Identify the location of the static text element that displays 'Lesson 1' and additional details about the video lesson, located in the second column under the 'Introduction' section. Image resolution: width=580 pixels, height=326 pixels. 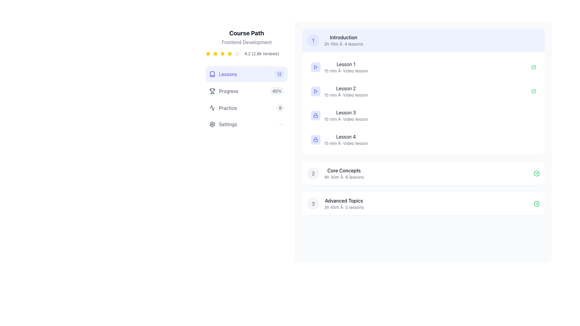
(346, 67).